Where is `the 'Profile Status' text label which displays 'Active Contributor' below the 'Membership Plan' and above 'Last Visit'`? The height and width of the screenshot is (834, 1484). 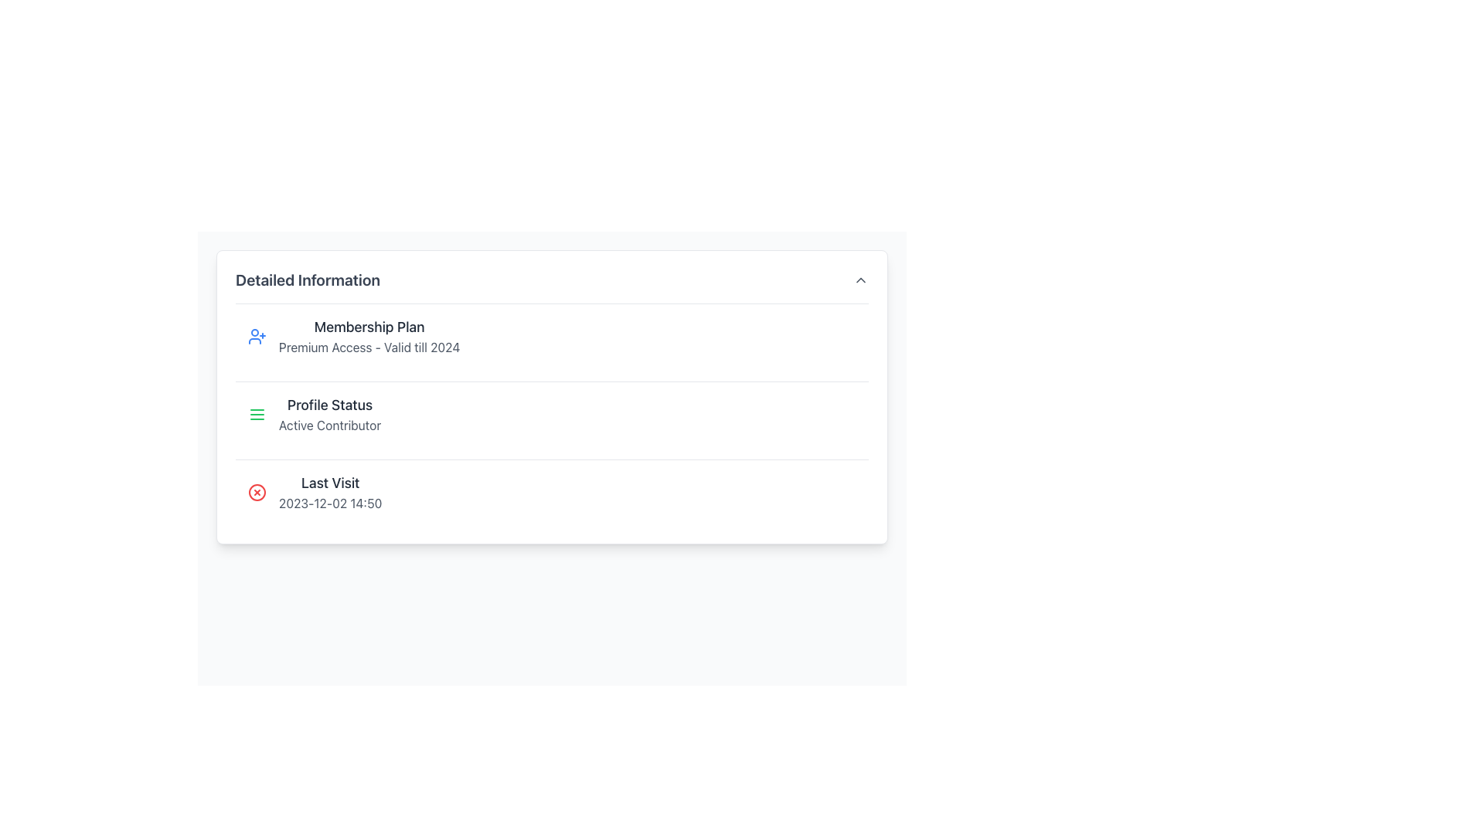
the 'Profile Status' text label which displays 'Active Contributor' below the 'Membership Plan' and above 'Last Visit' is located at coordinates (329, 413).